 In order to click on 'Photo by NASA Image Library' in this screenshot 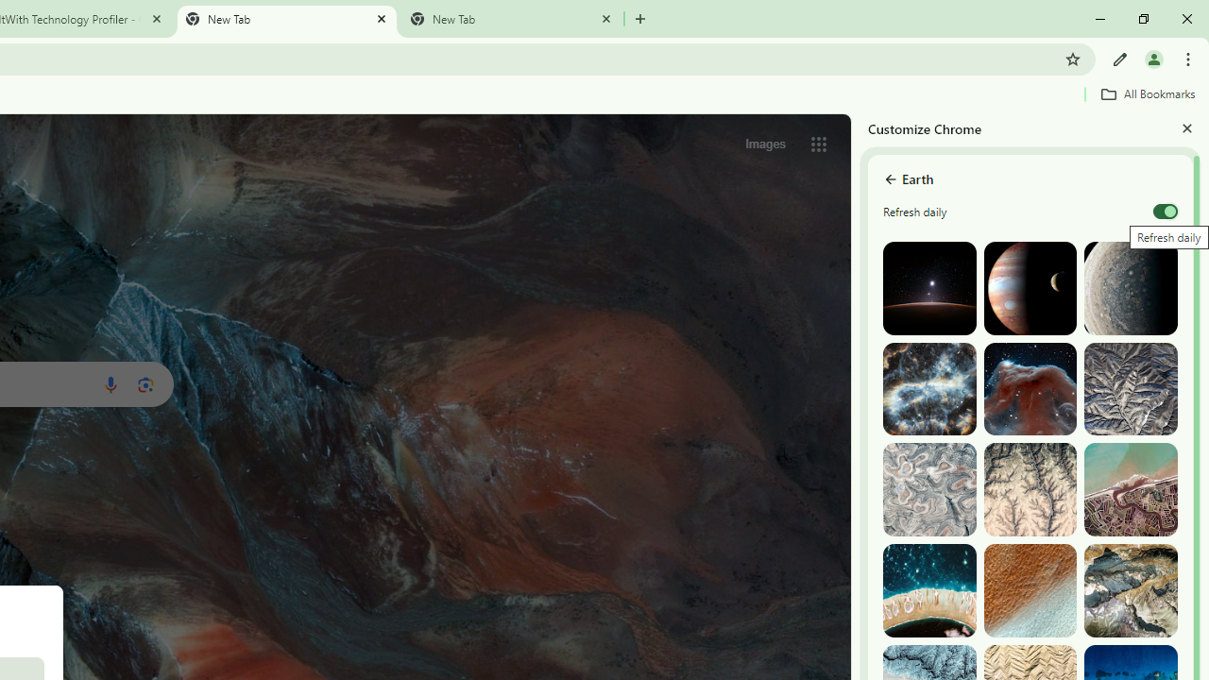, I will do `click(1029, 388)`.